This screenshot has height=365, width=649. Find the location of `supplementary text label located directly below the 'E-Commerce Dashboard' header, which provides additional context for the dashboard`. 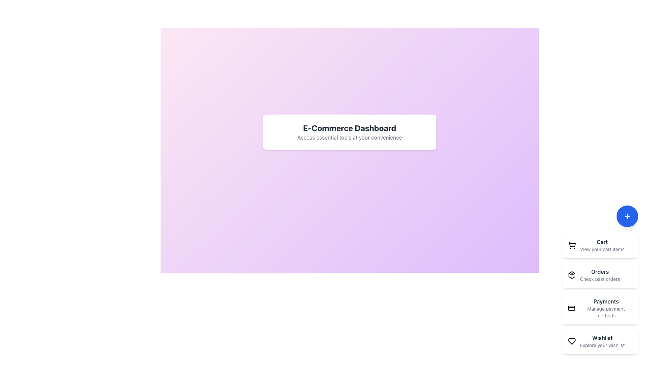

supplementary text label located directly below the 'E-Commerce Dashboard' header, which provides additional context for the dashboard is located at coordinates (350, 137).